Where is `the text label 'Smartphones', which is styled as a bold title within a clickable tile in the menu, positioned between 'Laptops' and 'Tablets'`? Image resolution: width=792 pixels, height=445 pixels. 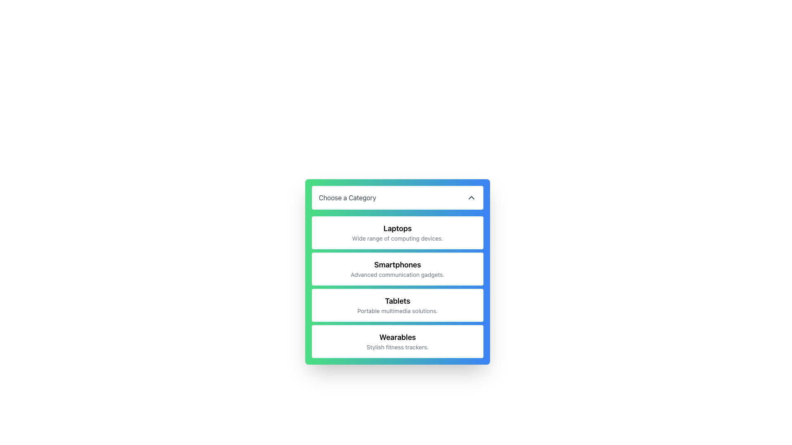
the text label 'Smartphones', which is styled as a bold title within a clickable tile in the menu, positioned between 'Laptops' and 'Tablets' is located at coordinates (398, 265).